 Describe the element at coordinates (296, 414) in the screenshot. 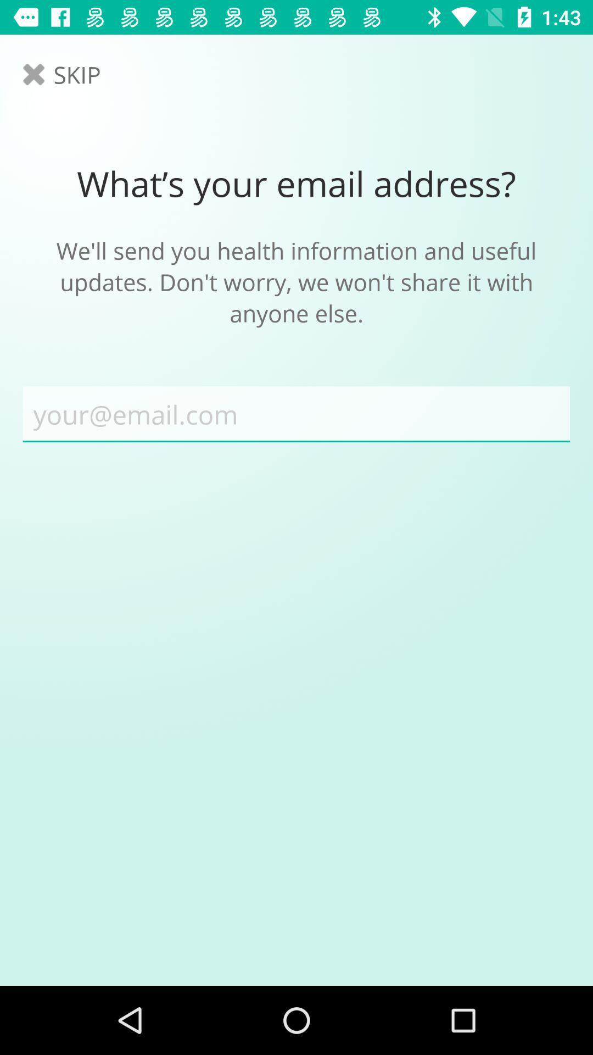

I see `icon at the center` at that location.